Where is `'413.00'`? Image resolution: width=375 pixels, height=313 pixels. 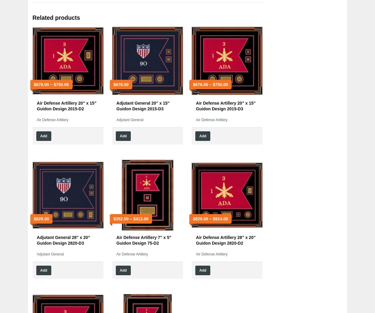 '413.00' is located at coordinates (135, 219).